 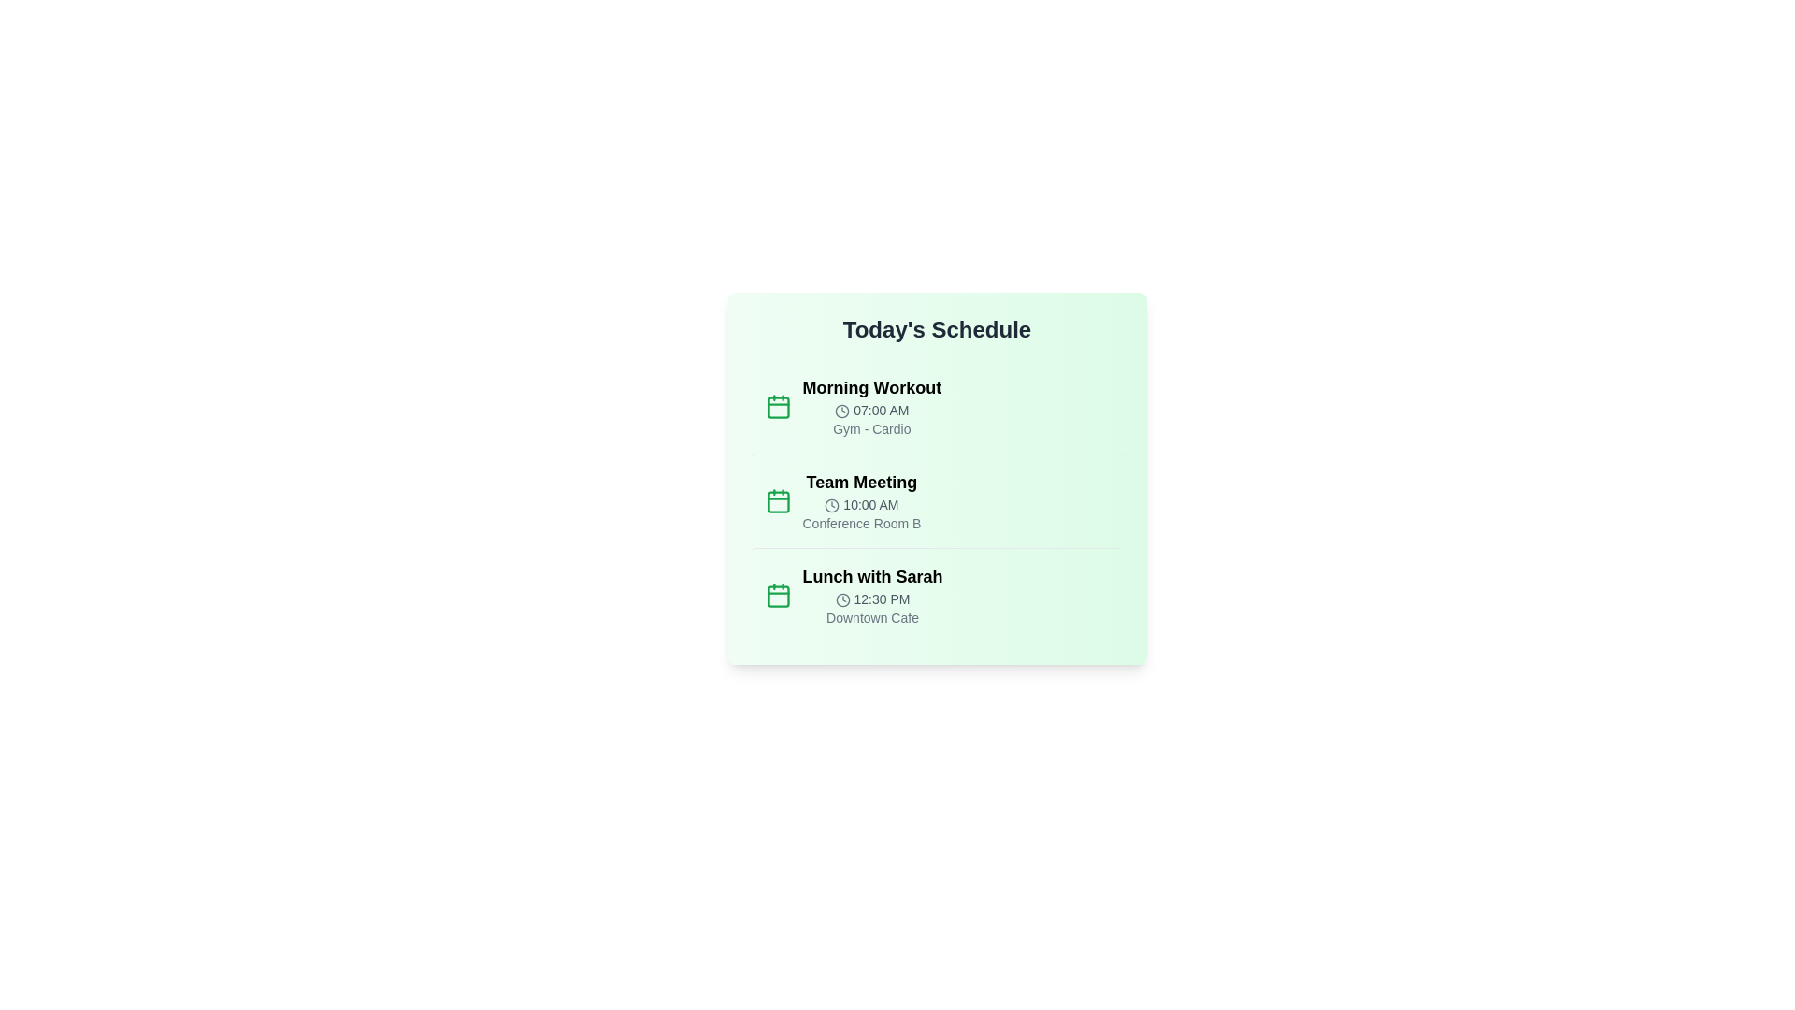 What do you see at coordinates (841, 600) in the screenshot?
I see `the clock icon for the Lunch with Sarah event` at bounding box center [841, 600].